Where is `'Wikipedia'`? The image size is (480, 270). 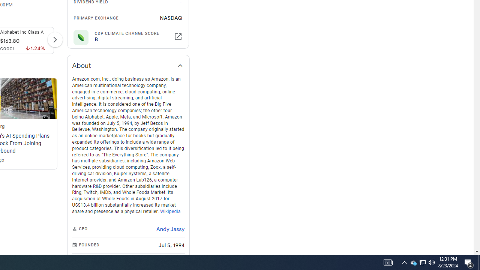 'Wikipedia' is located at coordinates (170, 211).